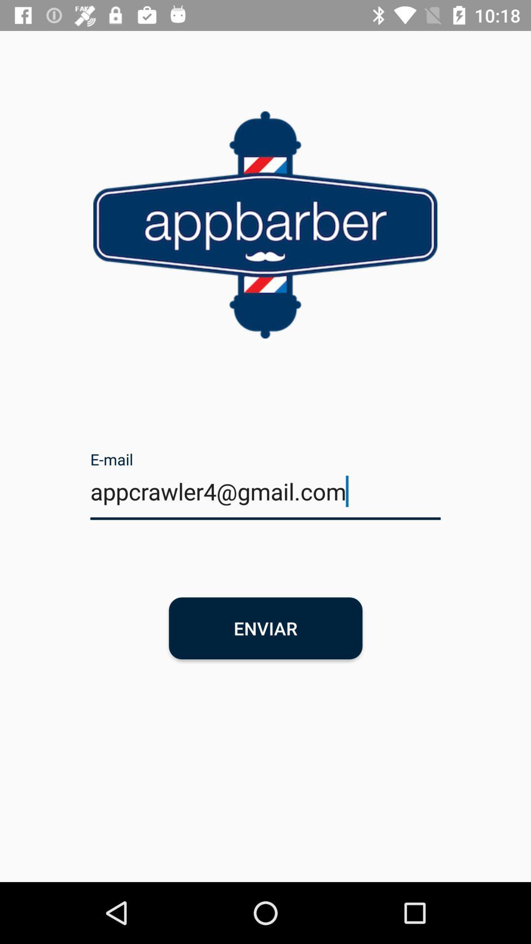  Describe the element at coordinates (265, 498) in the screenshot. I see `the appcrawler4@gmail.com icon` at that location.